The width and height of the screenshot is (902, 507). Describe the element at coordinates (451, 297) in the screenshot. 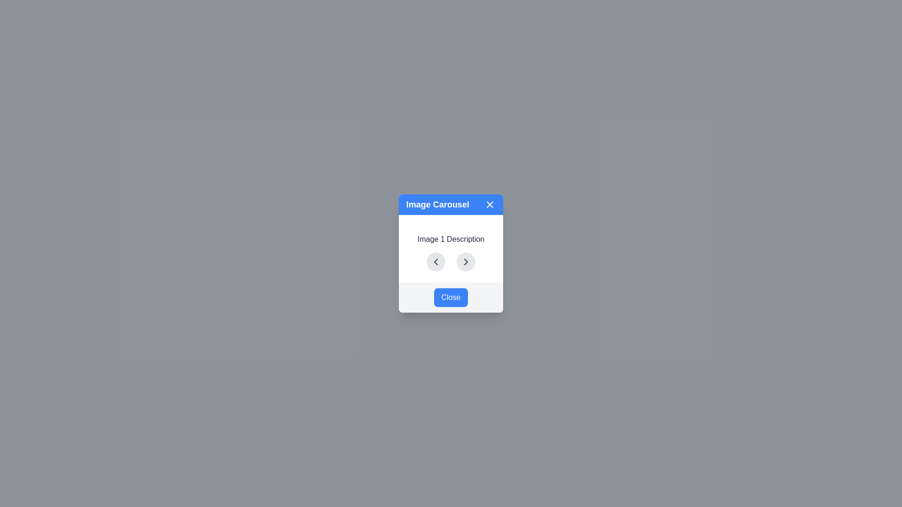

I see `the close button located at the bottom center of the 'Image Carousel' modal dialog` at that location.